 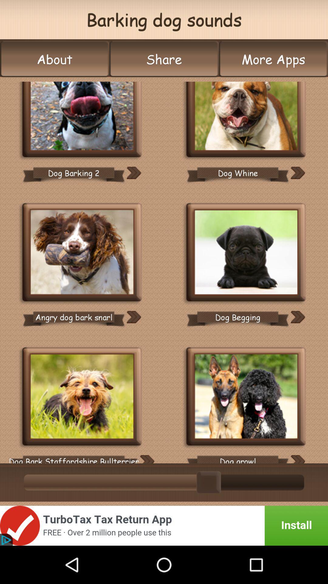 I want to click on forward option, so click(x=297, y=317).